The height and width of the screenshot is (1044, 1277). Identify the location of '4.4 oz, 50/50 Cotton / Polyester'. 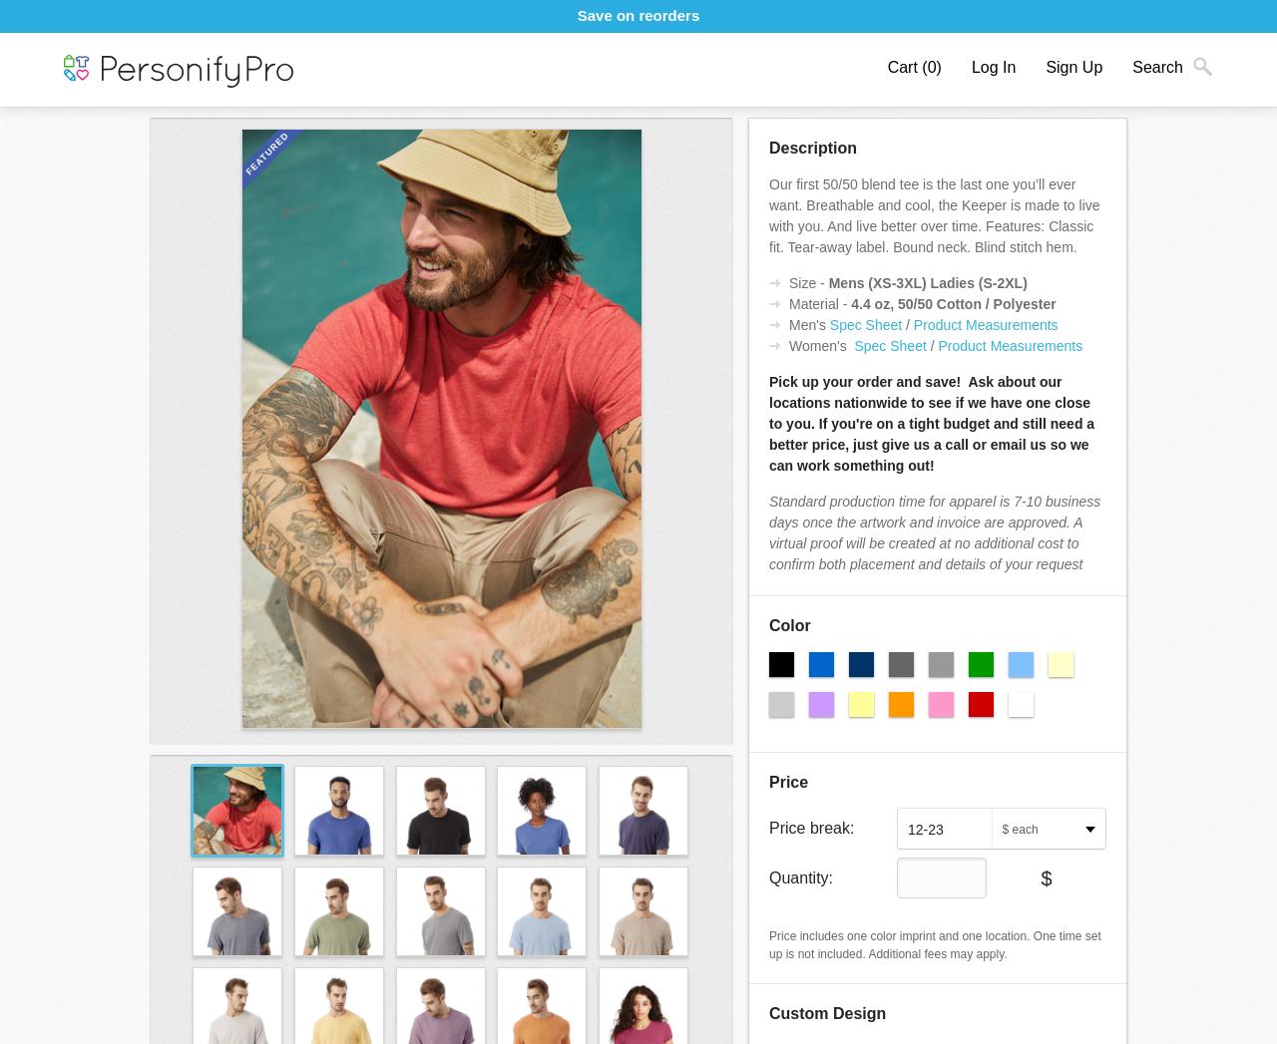
(952, 302).